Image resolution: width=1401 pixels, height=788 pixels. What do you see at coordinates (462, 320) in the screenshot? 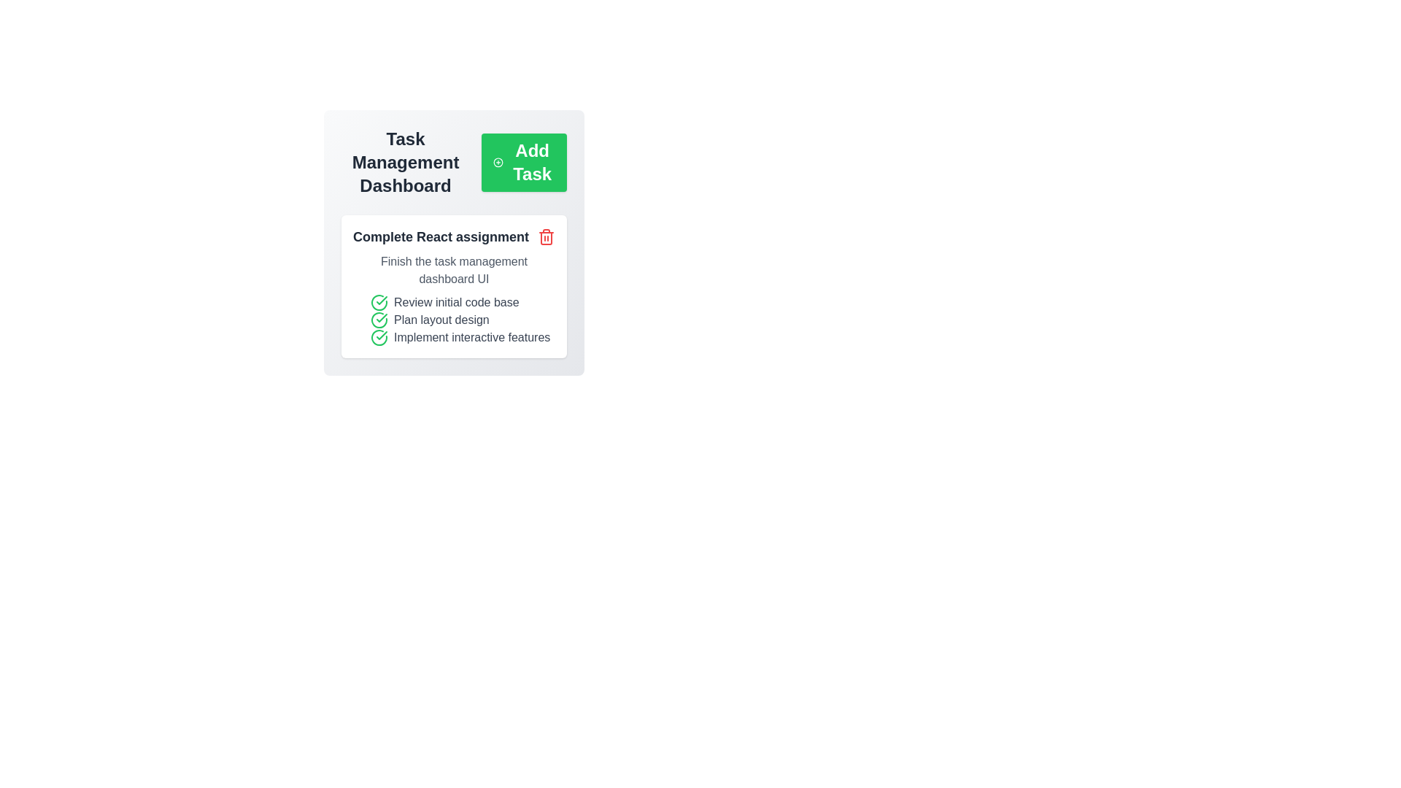
I see `the completed task item for 'Plan layout design' in the task management card, which is the second item in the task list` at bounding box center [462, 320].